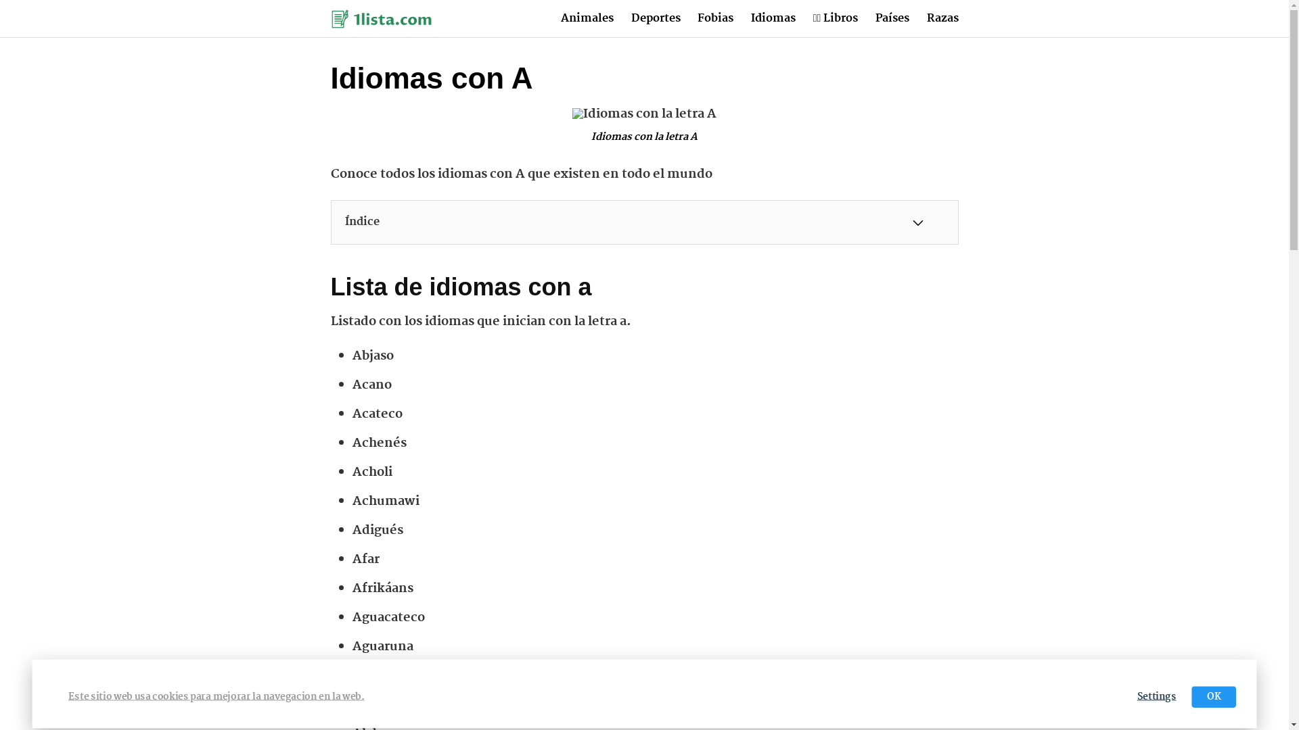 This screenshot has height=730, width=1299. I want to click on 'Razas', so click(942, 18).